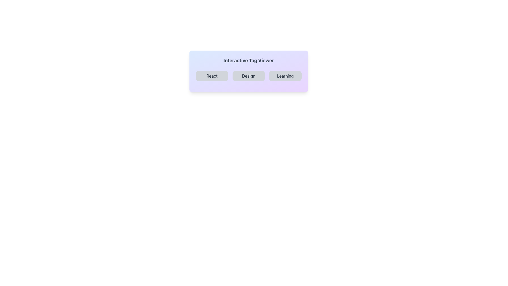 The height and width of the screenshot is (286, 508). What do you see at coordinates (248, 78) in the screenshot?
I see `the 'Design' tag in the 'Interactive Tag Viewer' subsection` at bounding box center [248, 78].